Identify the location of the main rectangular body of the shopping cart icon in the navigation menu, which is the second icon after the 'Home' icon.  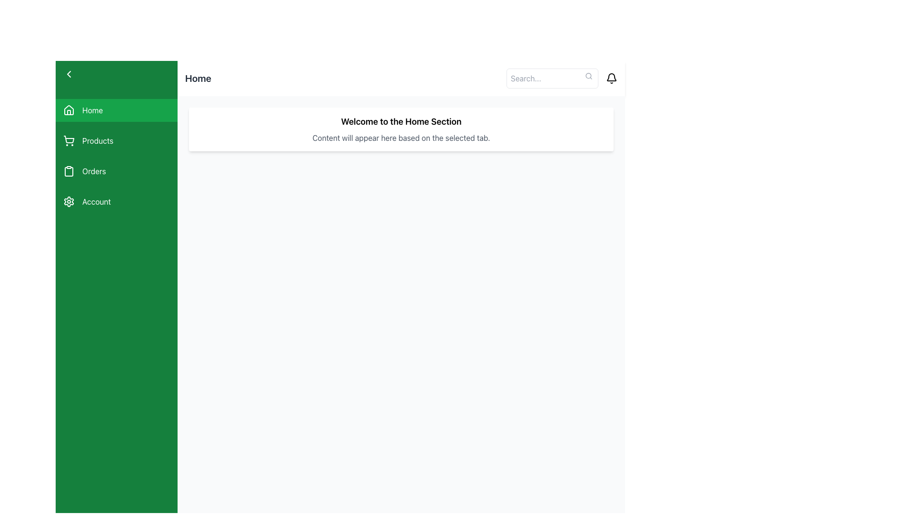
(69, 139).